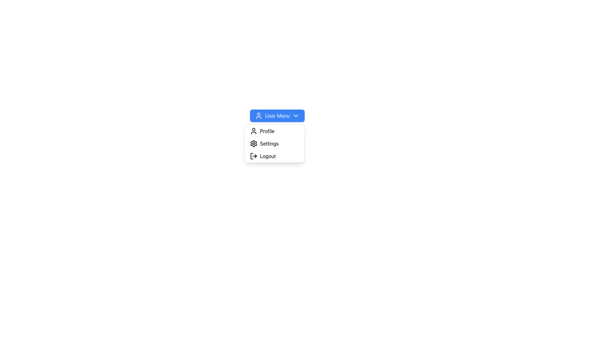 The height and width of the screenshot is (338, 600). What do you see at coordinates (274, 144) in the screenshot?
I see `the settings button located in the dropdown menu under 'User Menu', positioned below 'Profile' and above 'Logout'` at bounding box center [274, 144].